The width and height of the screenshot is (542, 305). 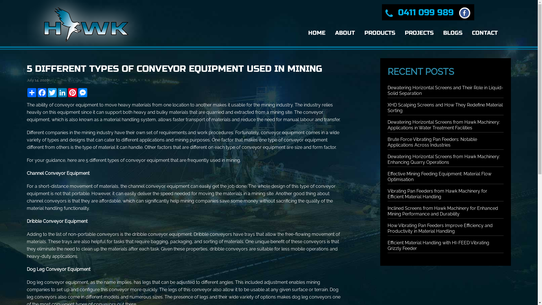 What do you see at coordinates (419, 33) in the screenshot?
I see `'PROJECTS'` at bounding box center [419, 33].